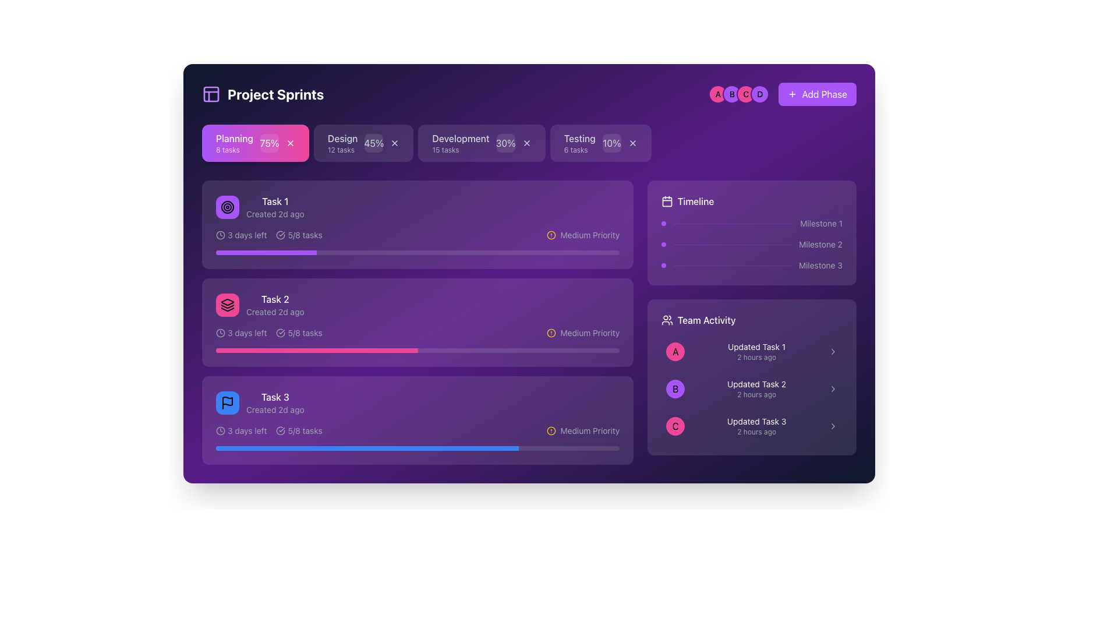 The image size is (1118, 629). What do you see at coordinates (274, 214) in the screenshot?
I see `the text label that indicates when the associated task was created, located below and aligned to the left of the bold title text 'Task 1'` at bounding box center [274, 214].